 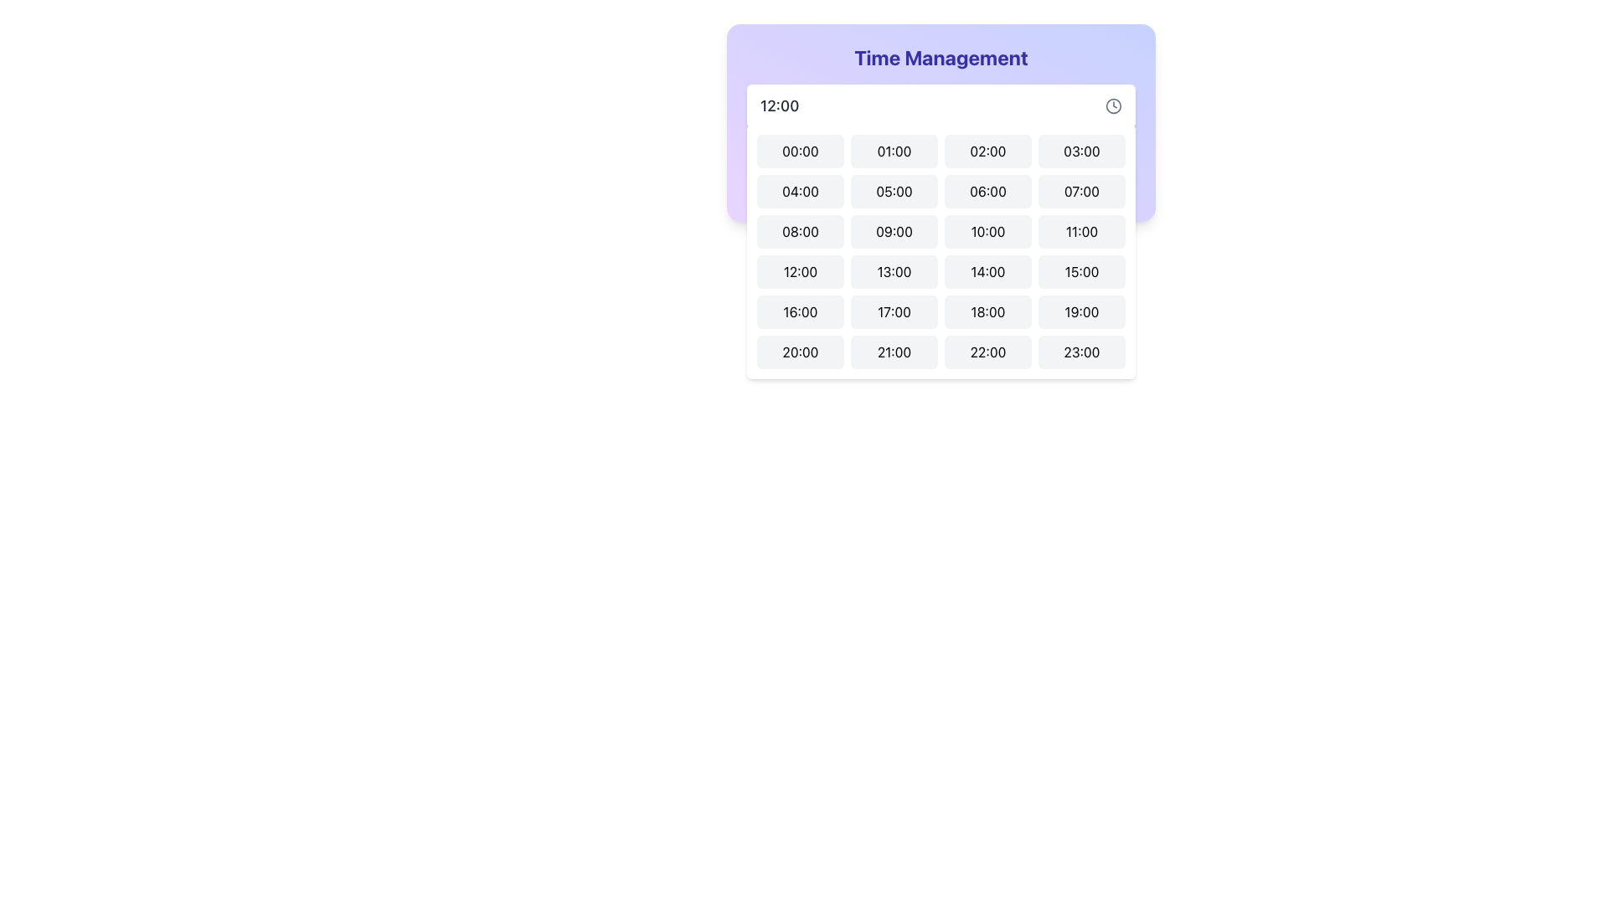 I want to click on the button labeled '22:00' in the time picker interface, so click(x=988, y=351).